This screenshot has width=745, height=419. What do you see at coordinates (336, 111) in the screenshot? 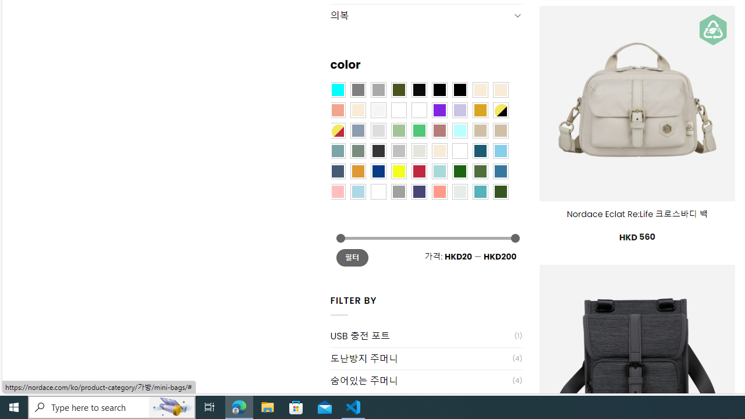
I see `'Coral'` at bounding box center [336, 111].